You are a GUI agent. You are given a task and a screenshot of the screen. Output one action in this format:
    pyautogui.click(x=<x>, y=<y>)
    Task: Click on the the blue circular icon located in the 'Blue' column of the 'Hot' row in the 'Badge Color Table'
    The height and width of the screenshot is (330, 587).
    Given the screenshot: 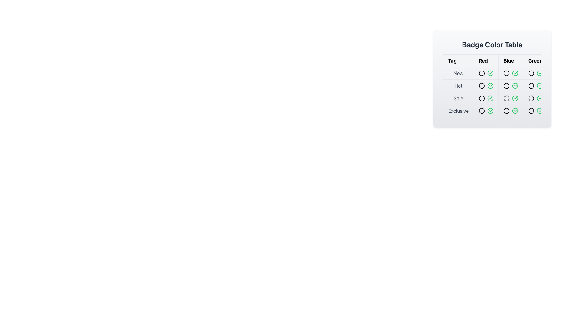 What is the action you would take?
    pyautogui.click(x=506, y=86)
    